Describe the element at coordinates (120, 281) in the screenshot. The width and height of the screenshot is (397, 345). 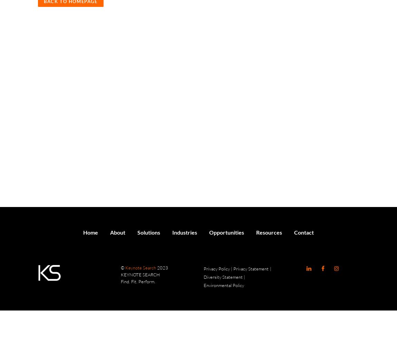
I see `'Find. Fit. Perform.'` at that location.